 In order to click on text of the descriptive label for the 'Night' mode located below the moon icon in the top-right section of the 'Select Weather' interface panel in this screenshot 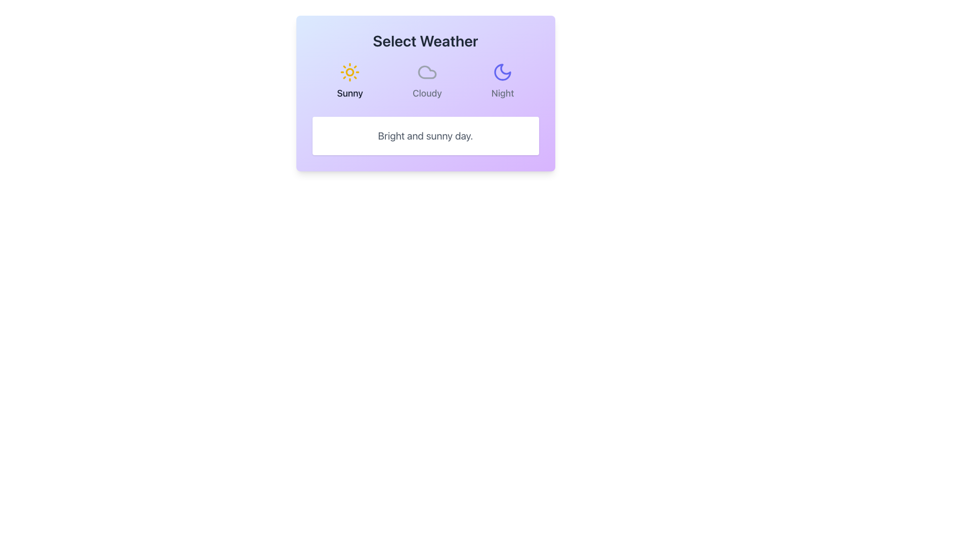, I will do `click(503, 94)`.